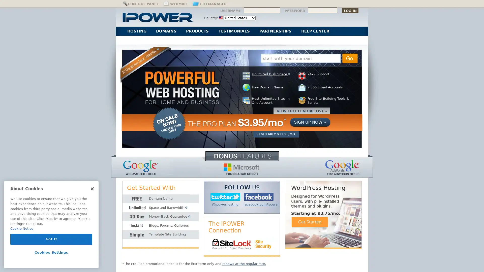 The image size is (484, 272). Describe the element at coordinates (350, 10) in the screenshot. I see `Log In` at that location.